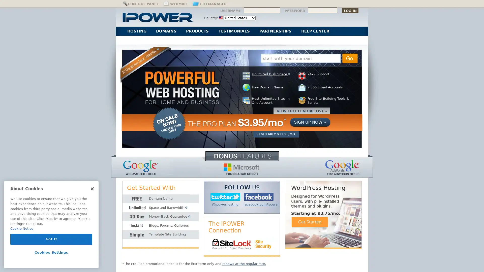 The image size is (484, 272). Describe the element at coordinates (350, 10) in the screenshot. I see `Log In` at that location.